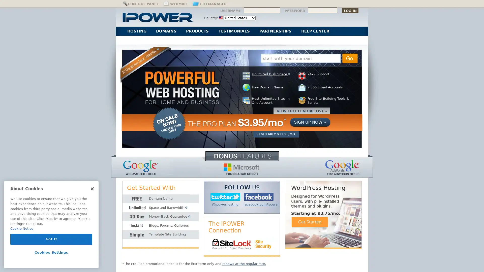 The image size is (484, 272). Describe the element at coordinates (350, 10) in the screenshot. I see `Log In` at that location.